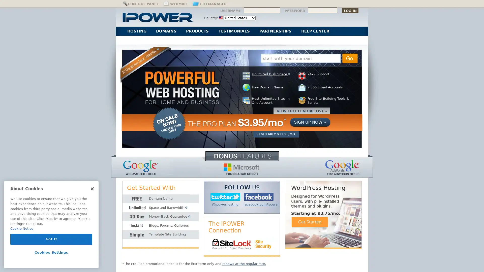 The image size is (484, 272). Describe the element at coordinates (350, 10) in the screenshot. I see `Log In` at that location.